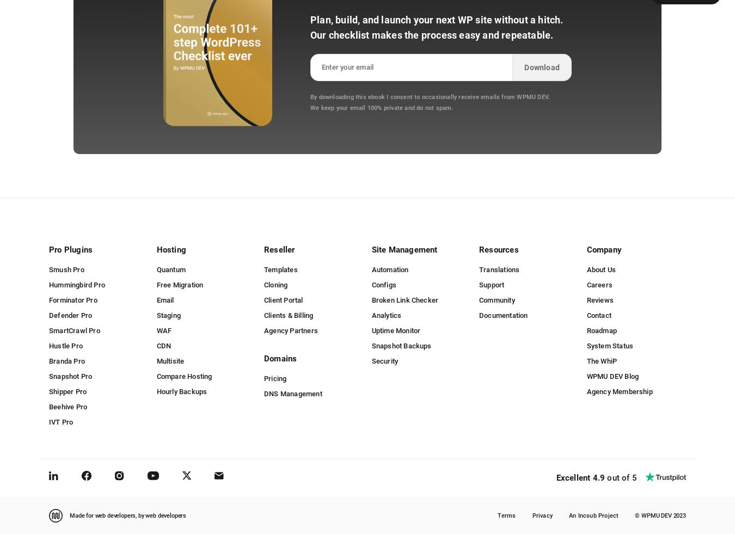 The image size is (735, 534). I want to click on 'out of 5', so click(620, 477).